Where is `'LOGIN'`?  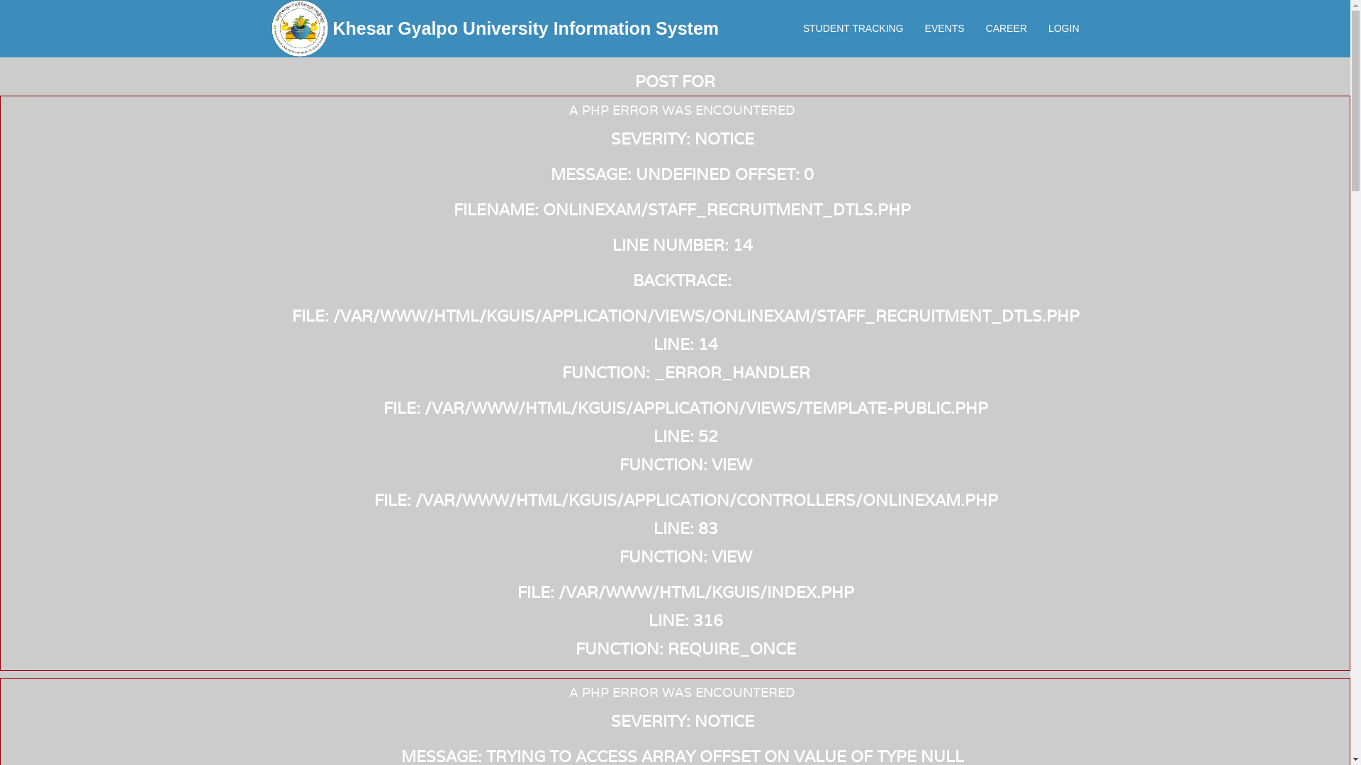 'LOGIN' is located at coordinates (1064, 28).